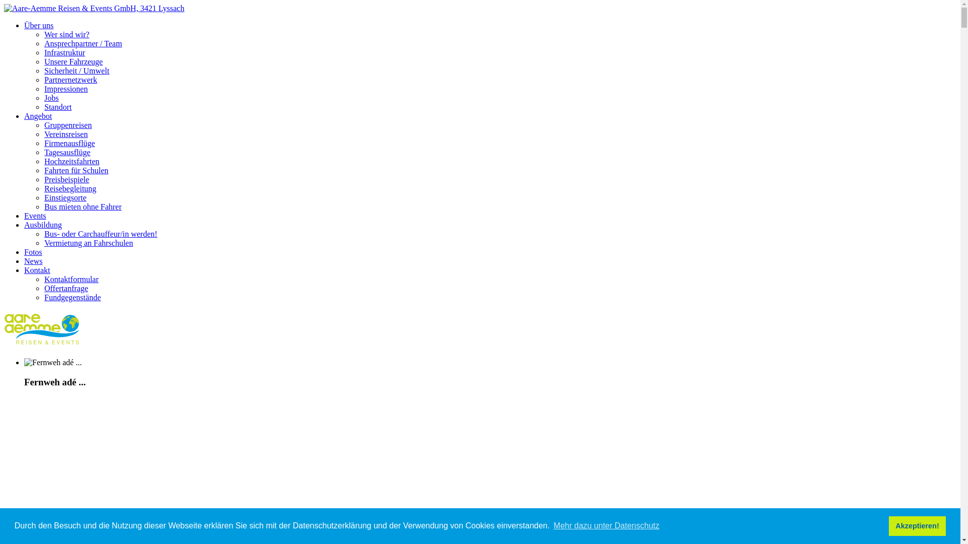 This screenshot has height=544, width=968. What do you see at coordinates (33, 260) in the screenshot?
I see `'News'` at bounding box center [33, 260].